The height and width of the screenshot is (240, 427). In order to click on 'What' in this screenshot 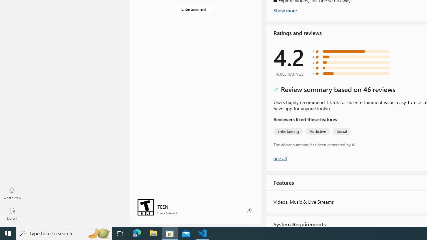, I will do `click(12, 193)`.